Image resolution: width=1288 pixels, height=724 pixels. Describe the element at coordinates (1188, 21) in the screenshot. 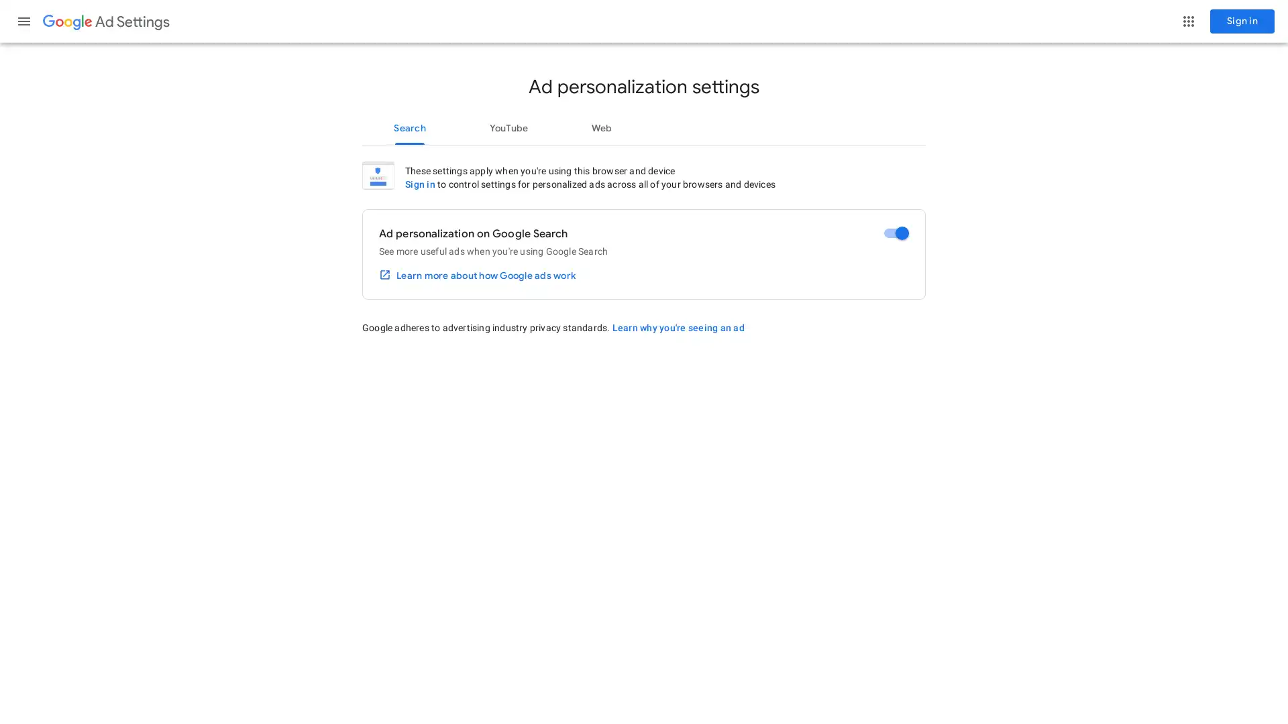

I see `Google apps` at that location.